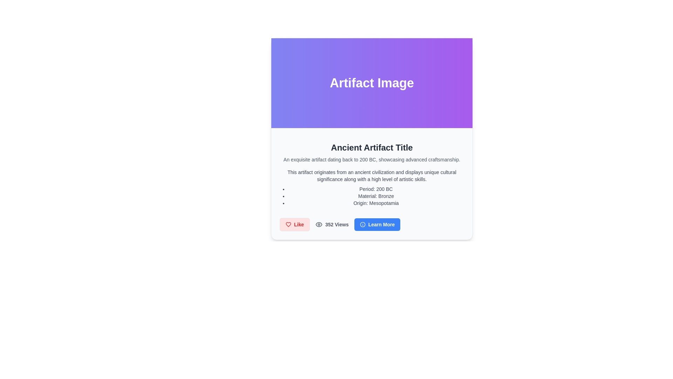  I want to click on the 'Like' button, which is the leftmost element in a horizontal layout of three items on the card interface, to like the displayed content, so click(294, 225).